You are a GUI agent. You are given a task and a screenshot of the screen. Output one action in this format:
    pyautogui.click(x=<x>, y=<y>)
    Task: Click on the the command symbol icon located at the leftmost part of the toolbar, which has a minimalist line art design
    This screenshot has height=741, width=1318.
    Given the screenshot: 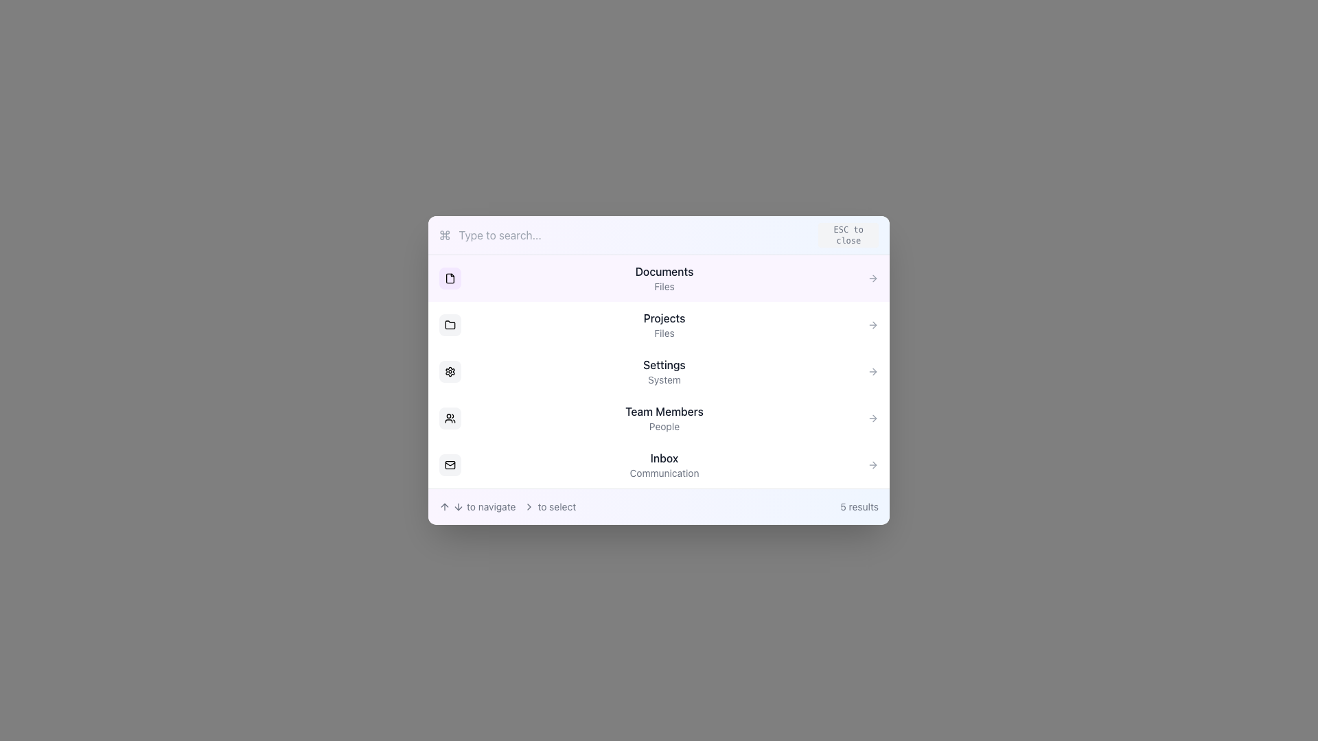 What is the action you would take?
    pyautogui.click(x=445, y=235)
    